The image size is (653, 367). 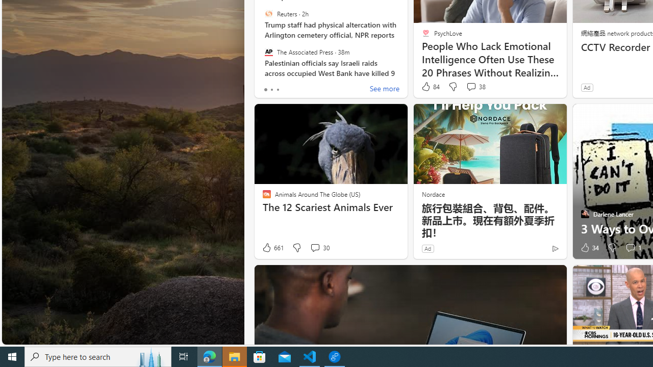 I want to click on 'tab-2', so click(x=278, y=89).